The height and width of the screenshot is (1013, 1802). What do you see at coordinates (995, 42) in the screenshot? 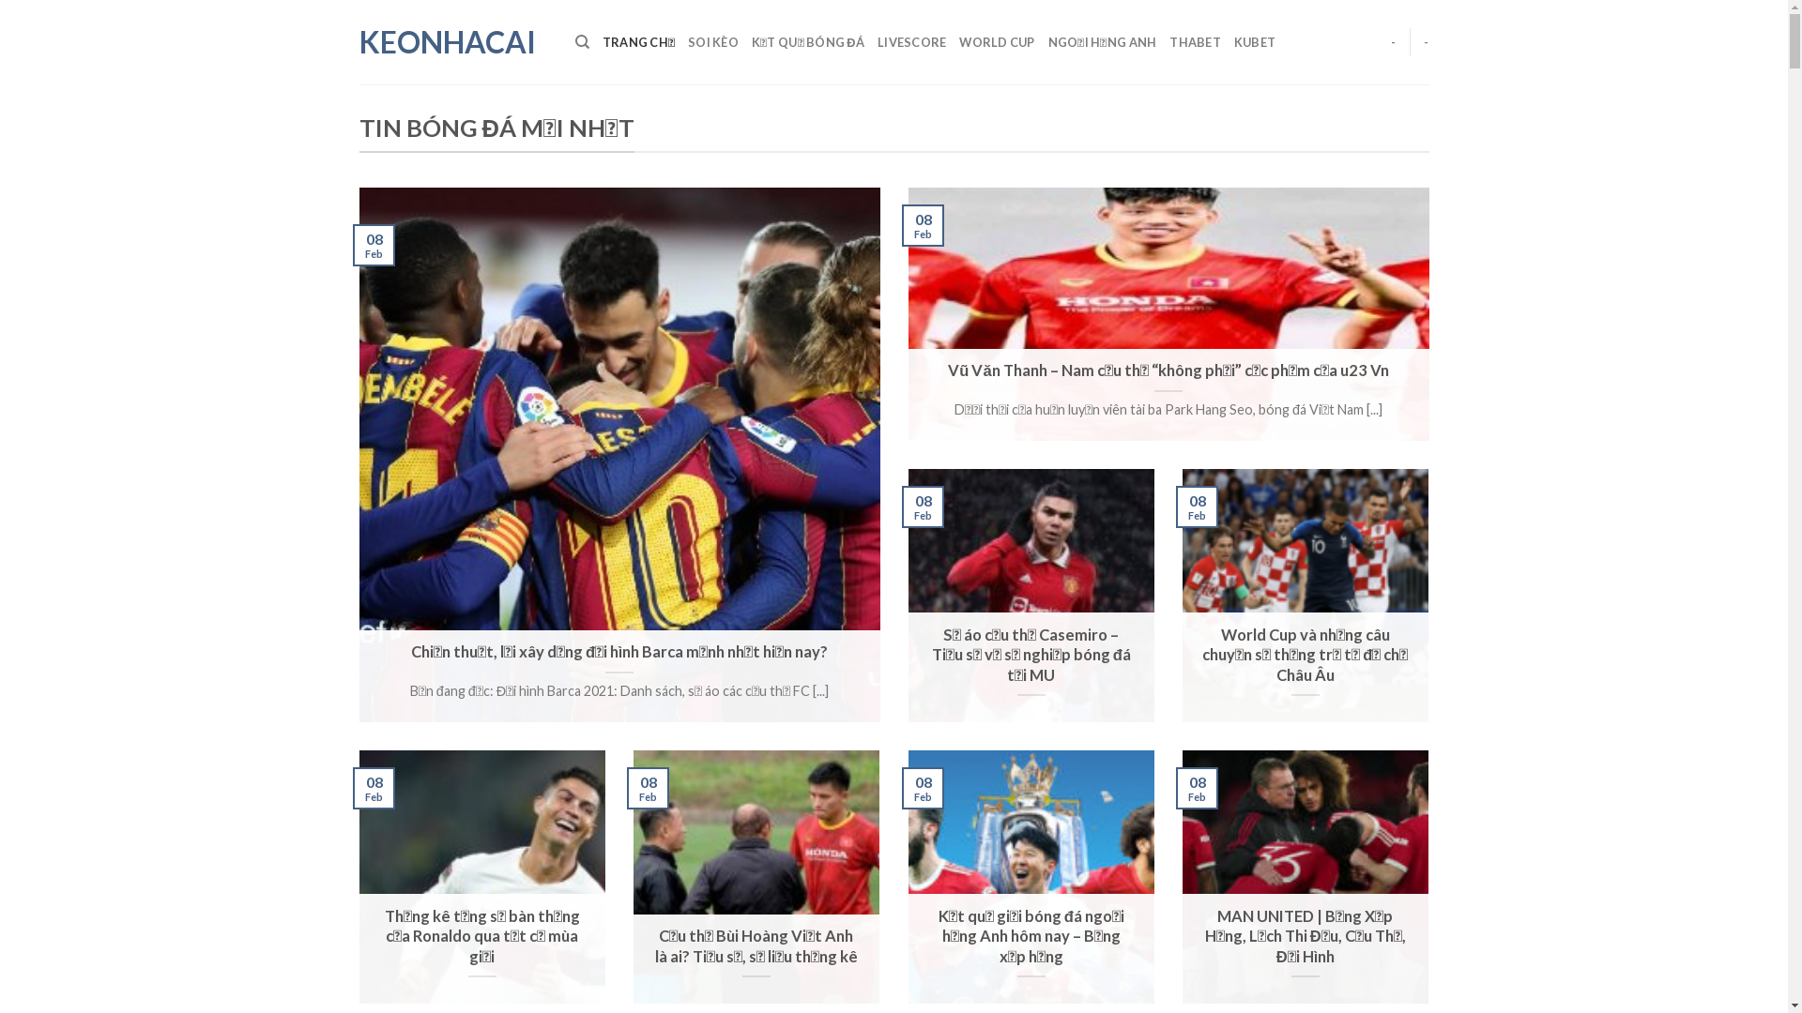
I see `'WORLD CUP'` at bounding box center [995, 42].